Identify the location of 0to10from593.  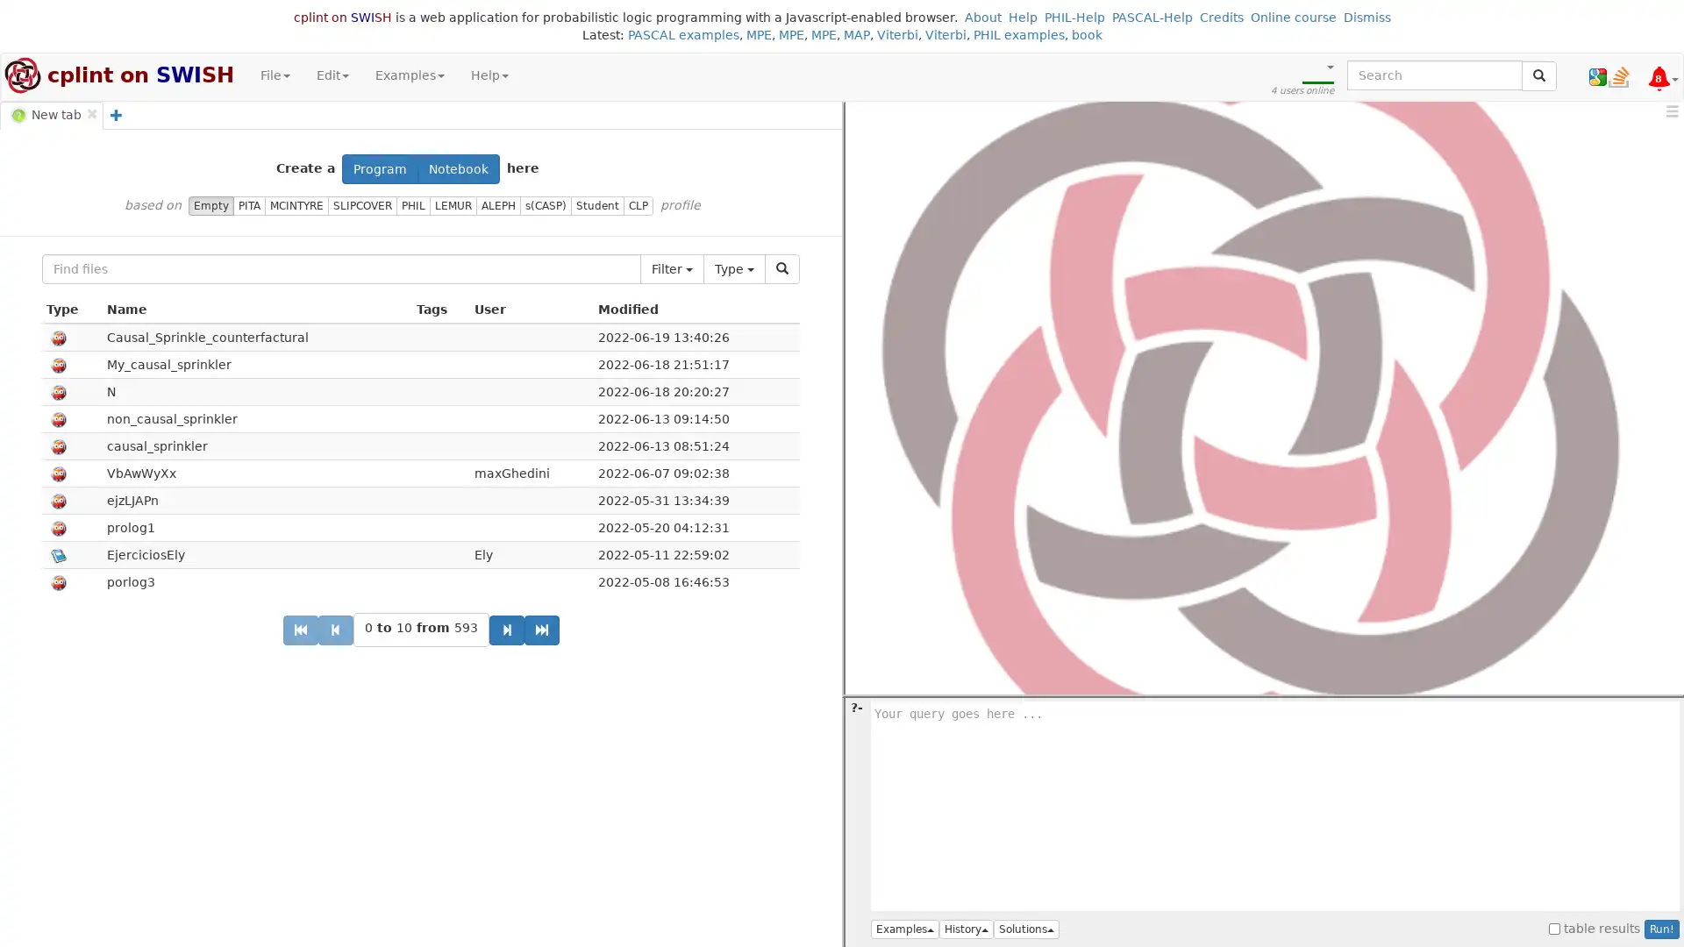
(419, 629).